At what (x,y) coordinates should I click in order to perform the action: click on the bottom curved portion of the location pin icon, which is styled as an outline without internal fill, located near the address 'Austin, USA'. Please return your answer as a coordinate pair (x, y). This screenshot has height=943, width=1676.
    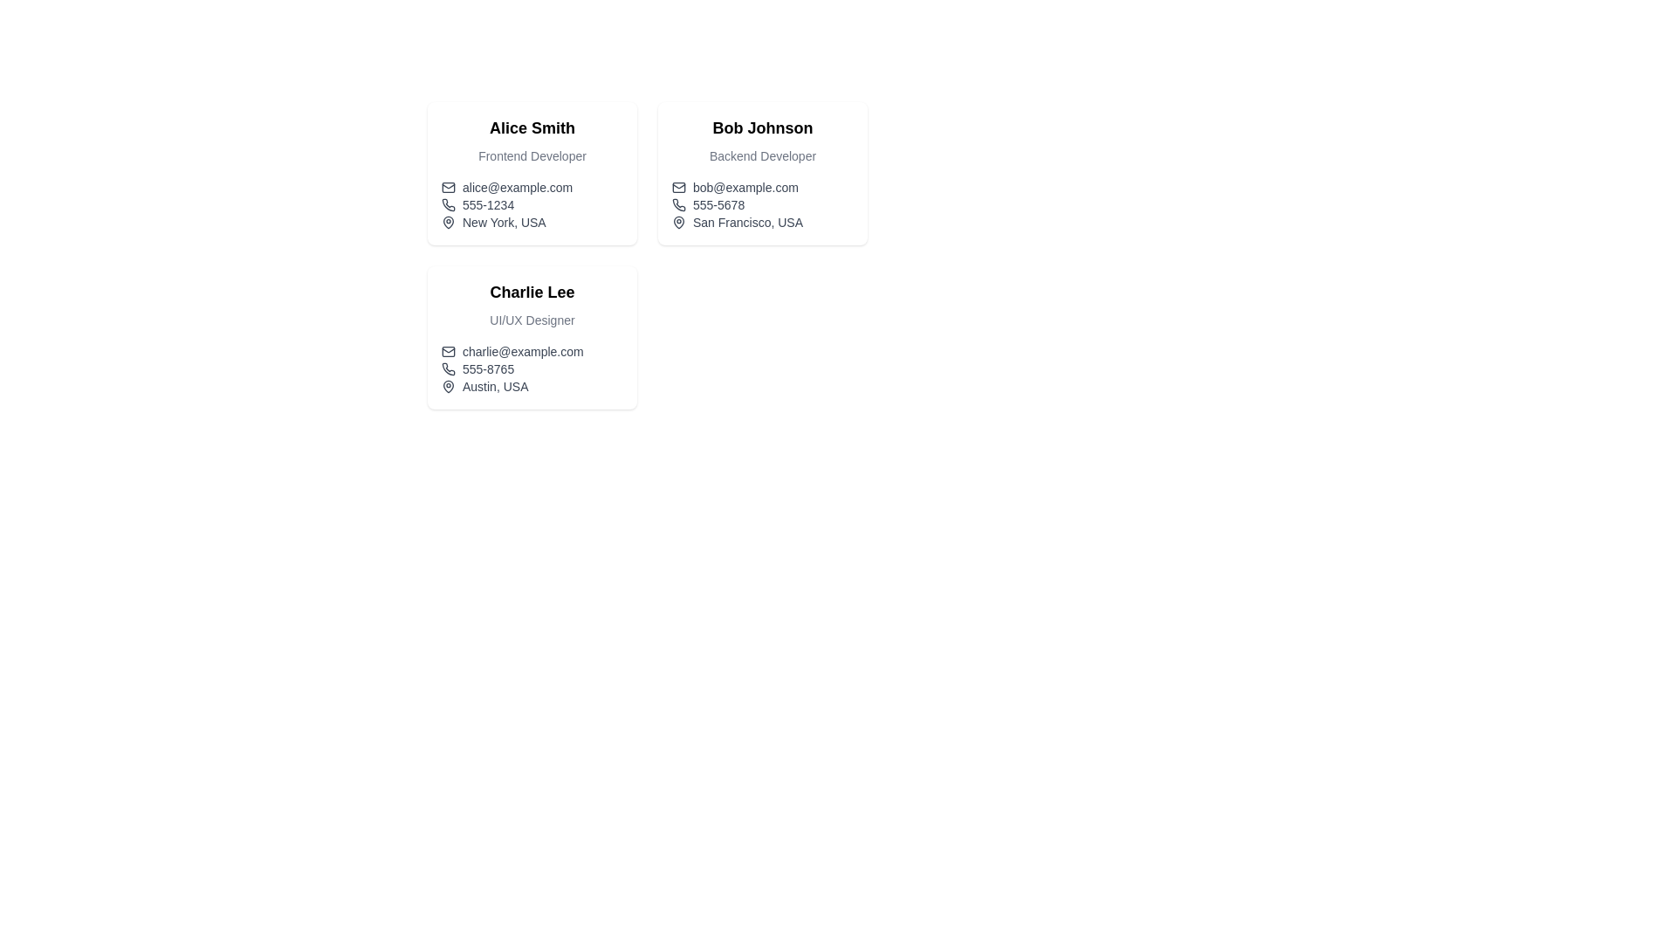
    Looking at the image, I should click on (448, 386).